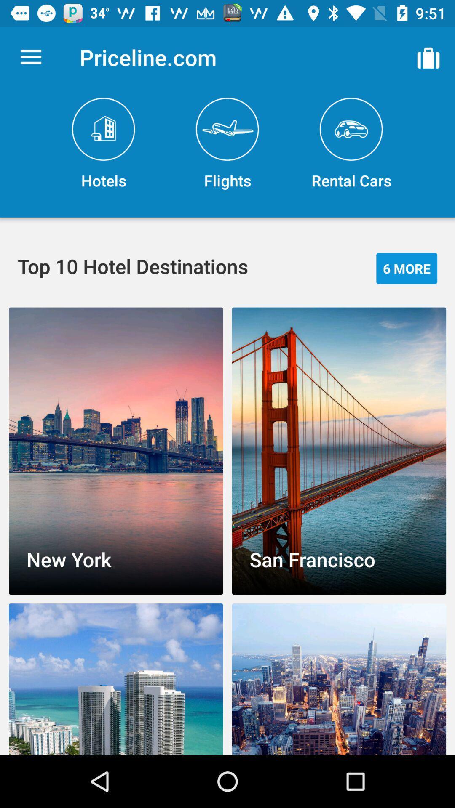  I want to click on the icon next to flights, so click(351, 144).